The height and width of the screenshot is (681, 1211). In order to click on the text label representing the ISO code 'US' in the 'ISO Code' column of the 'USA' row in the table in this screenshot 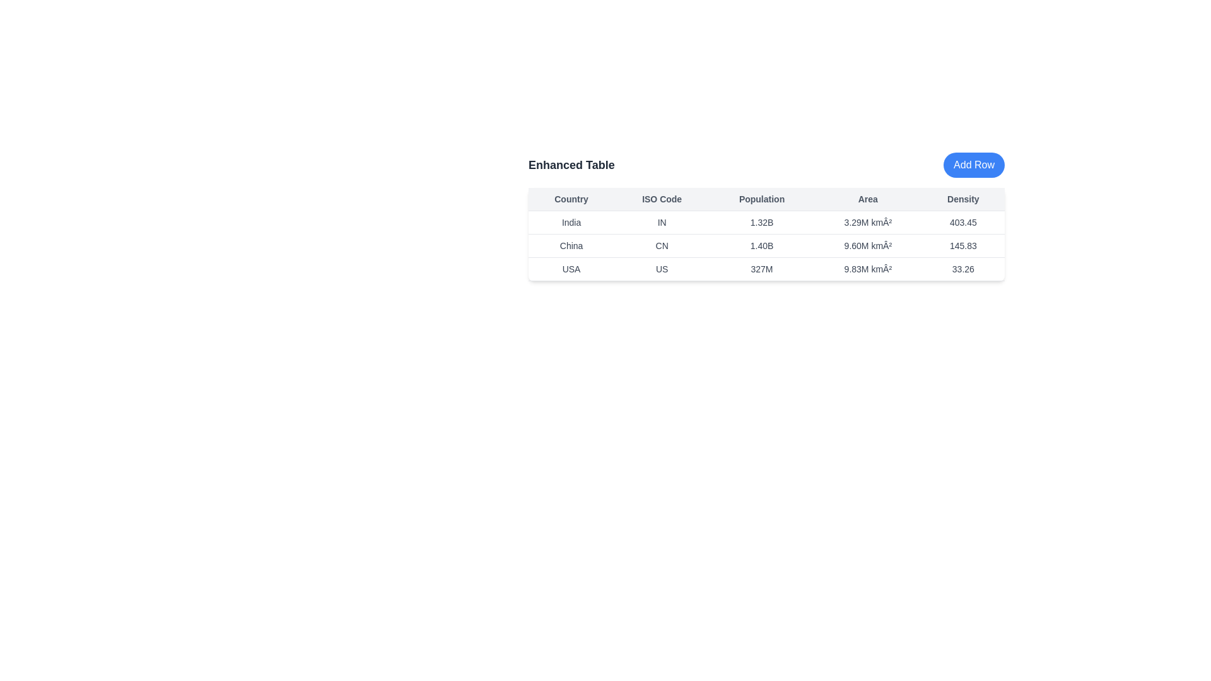, I will do `click(661, 269)`.